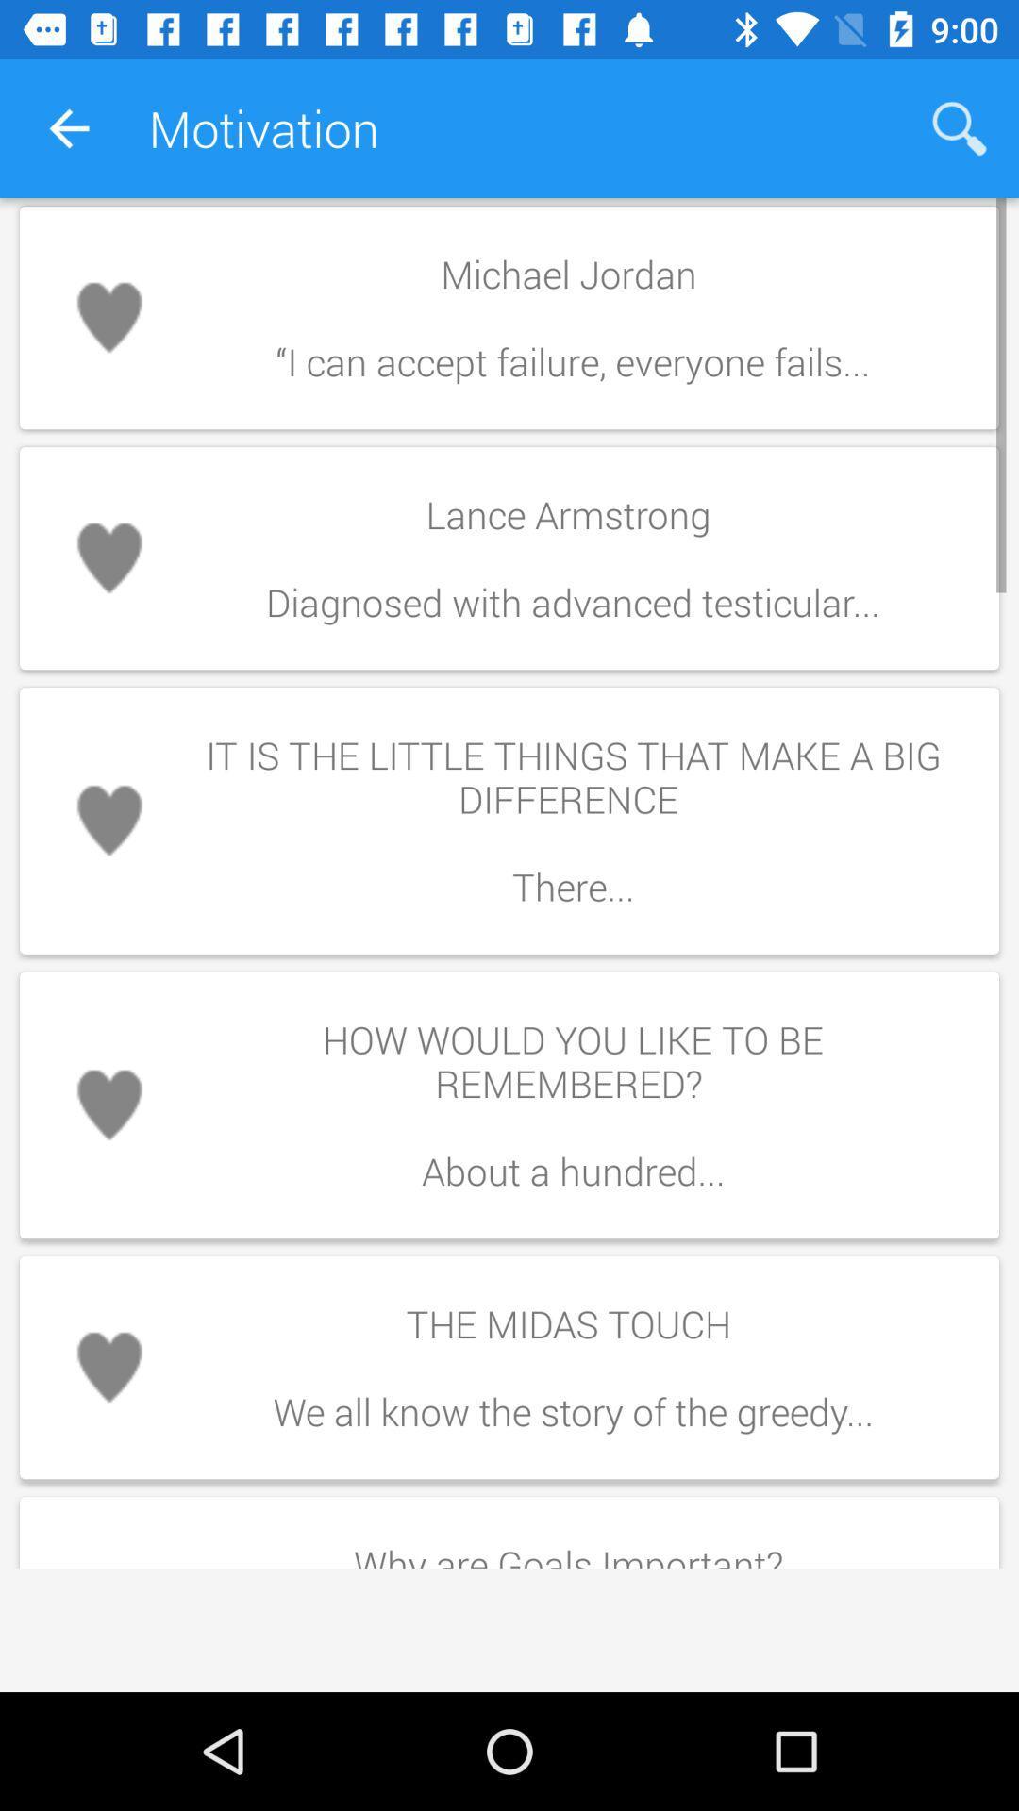 The image size is (1019, 1811). What do you see at coordinates (960, 127) in the screenshot?
I see `icon to the right of the motivation` at bounding box center [960, 127].